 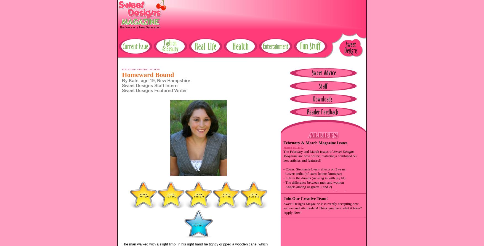 I want to click on '- Valentine's Day (not what you'd expect!)', so click(x=283, y=217).